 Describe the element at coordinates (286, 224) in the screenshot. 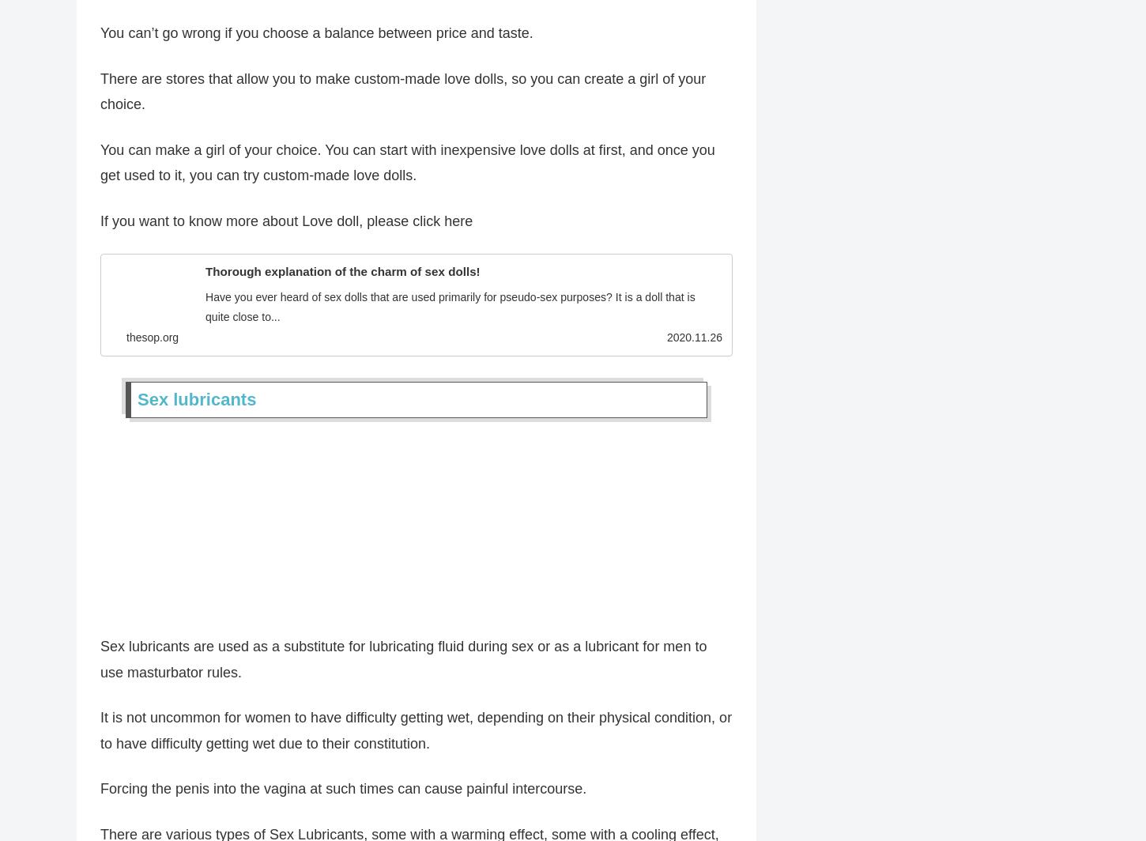

I see `'If you want to know more about Love doll, please click here'` at that location.